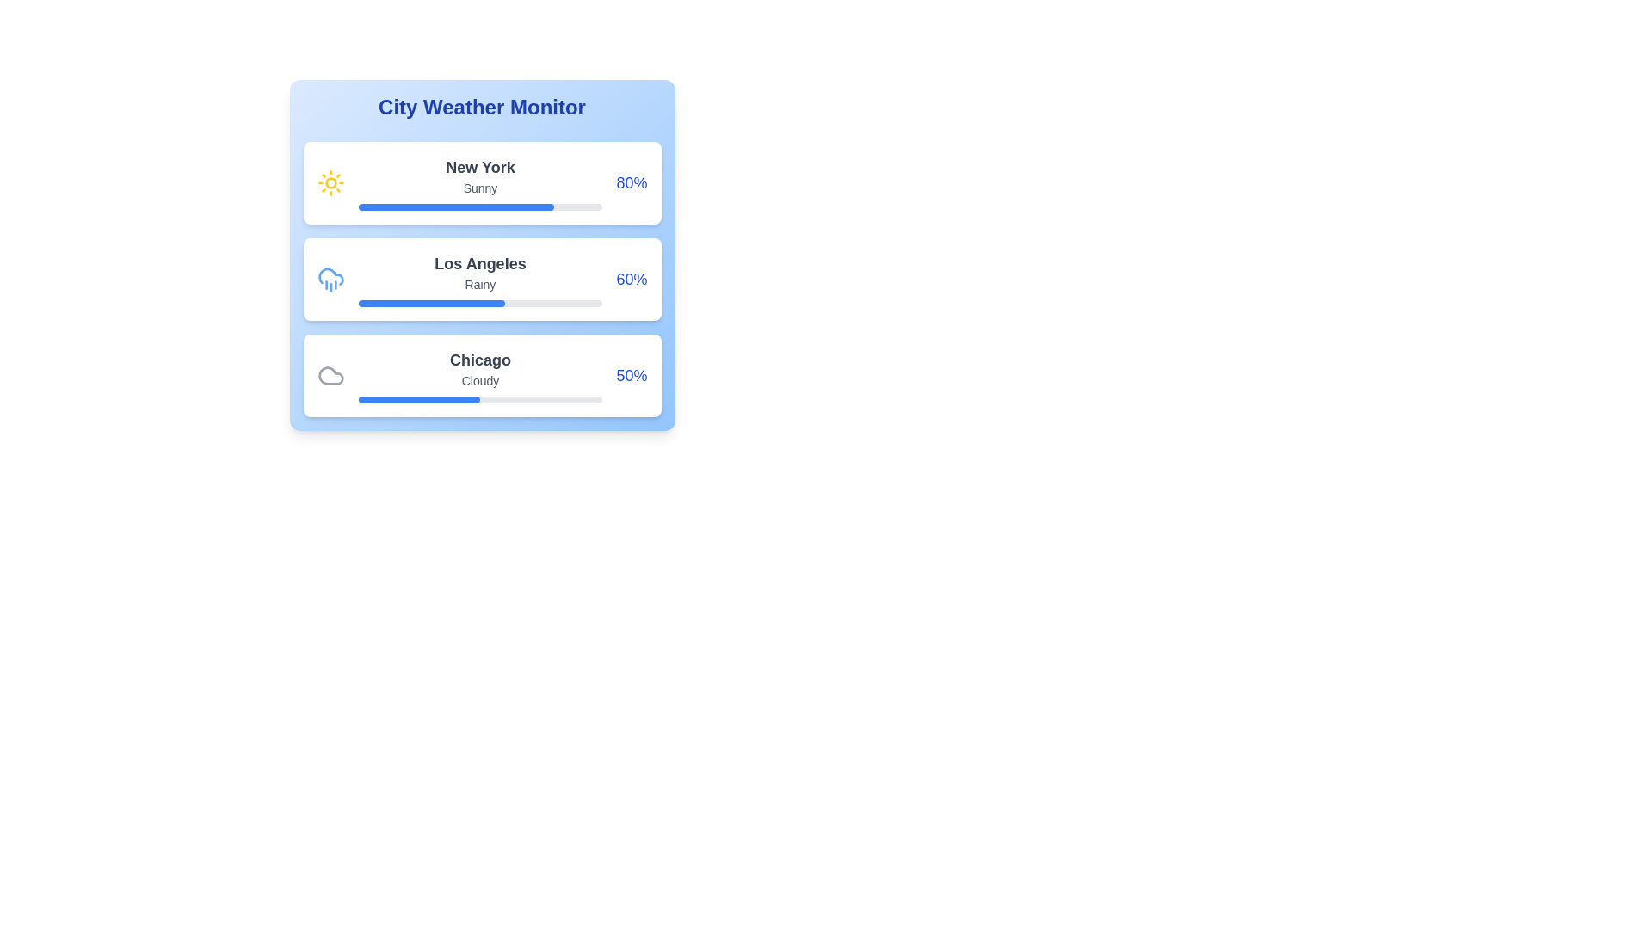 The image size is (1652, 929). I want to click on the weather condition icon representing rain for Los Angeles, located beside the text 'Los Angeles' and 'Rainy', so click(330, 278).